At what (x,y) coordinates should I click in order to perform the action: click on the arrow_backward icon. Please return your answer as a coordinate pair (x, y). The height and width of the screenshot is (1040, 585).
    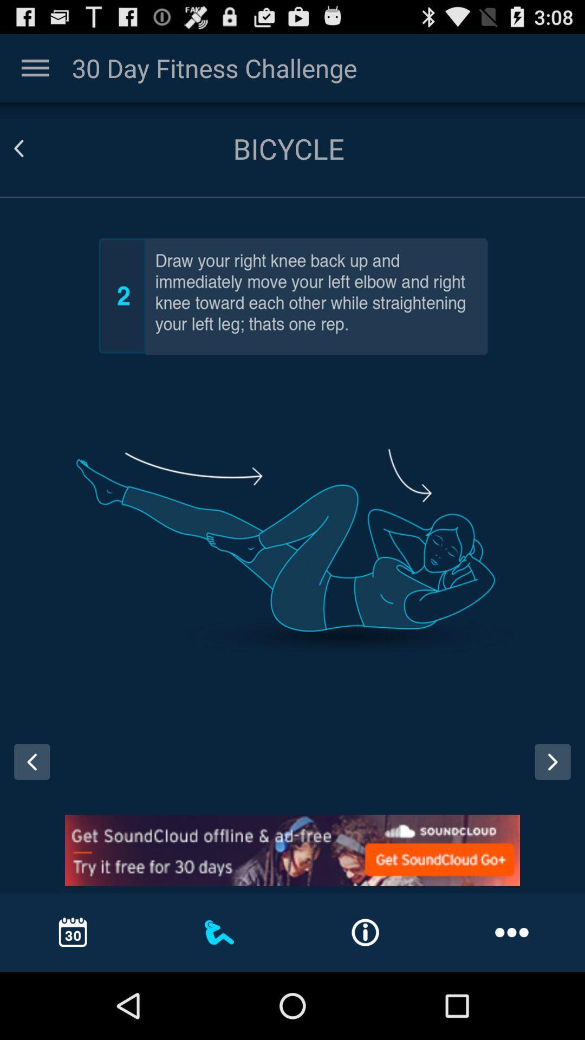
    Looking at the image, I should click on (28, 825).